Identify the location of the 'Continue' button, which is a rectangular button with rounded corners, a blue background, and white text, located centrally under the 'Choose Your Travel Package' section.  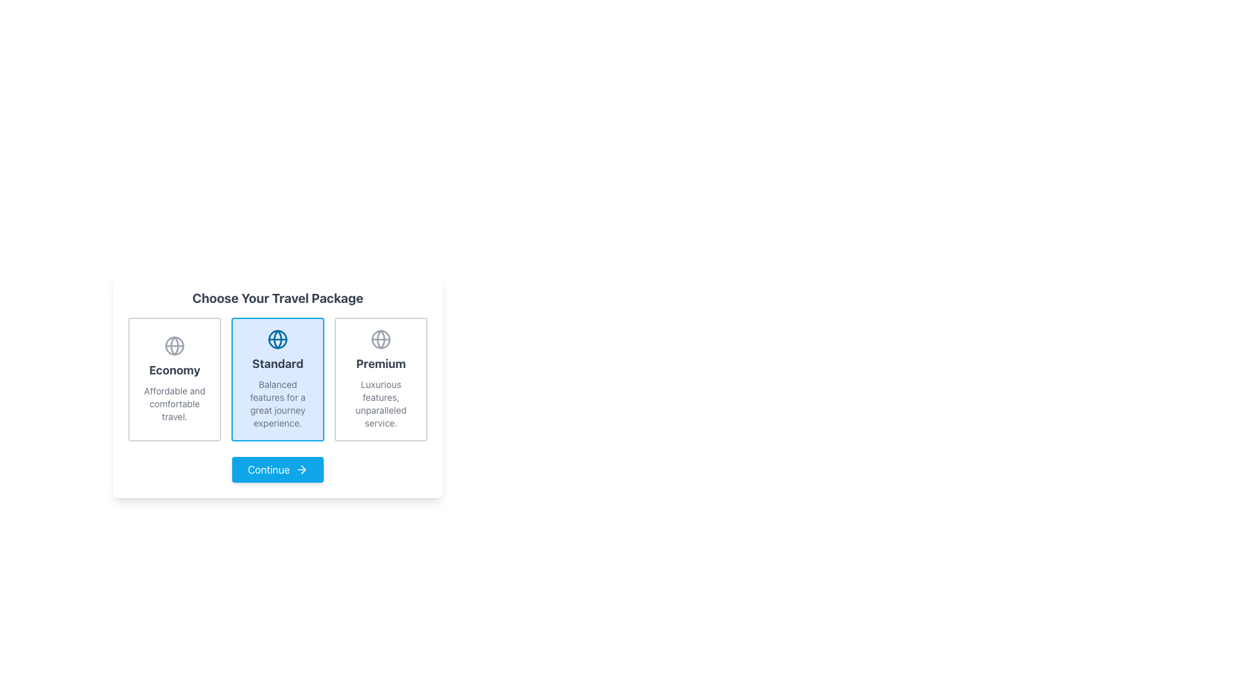
(277, 470).